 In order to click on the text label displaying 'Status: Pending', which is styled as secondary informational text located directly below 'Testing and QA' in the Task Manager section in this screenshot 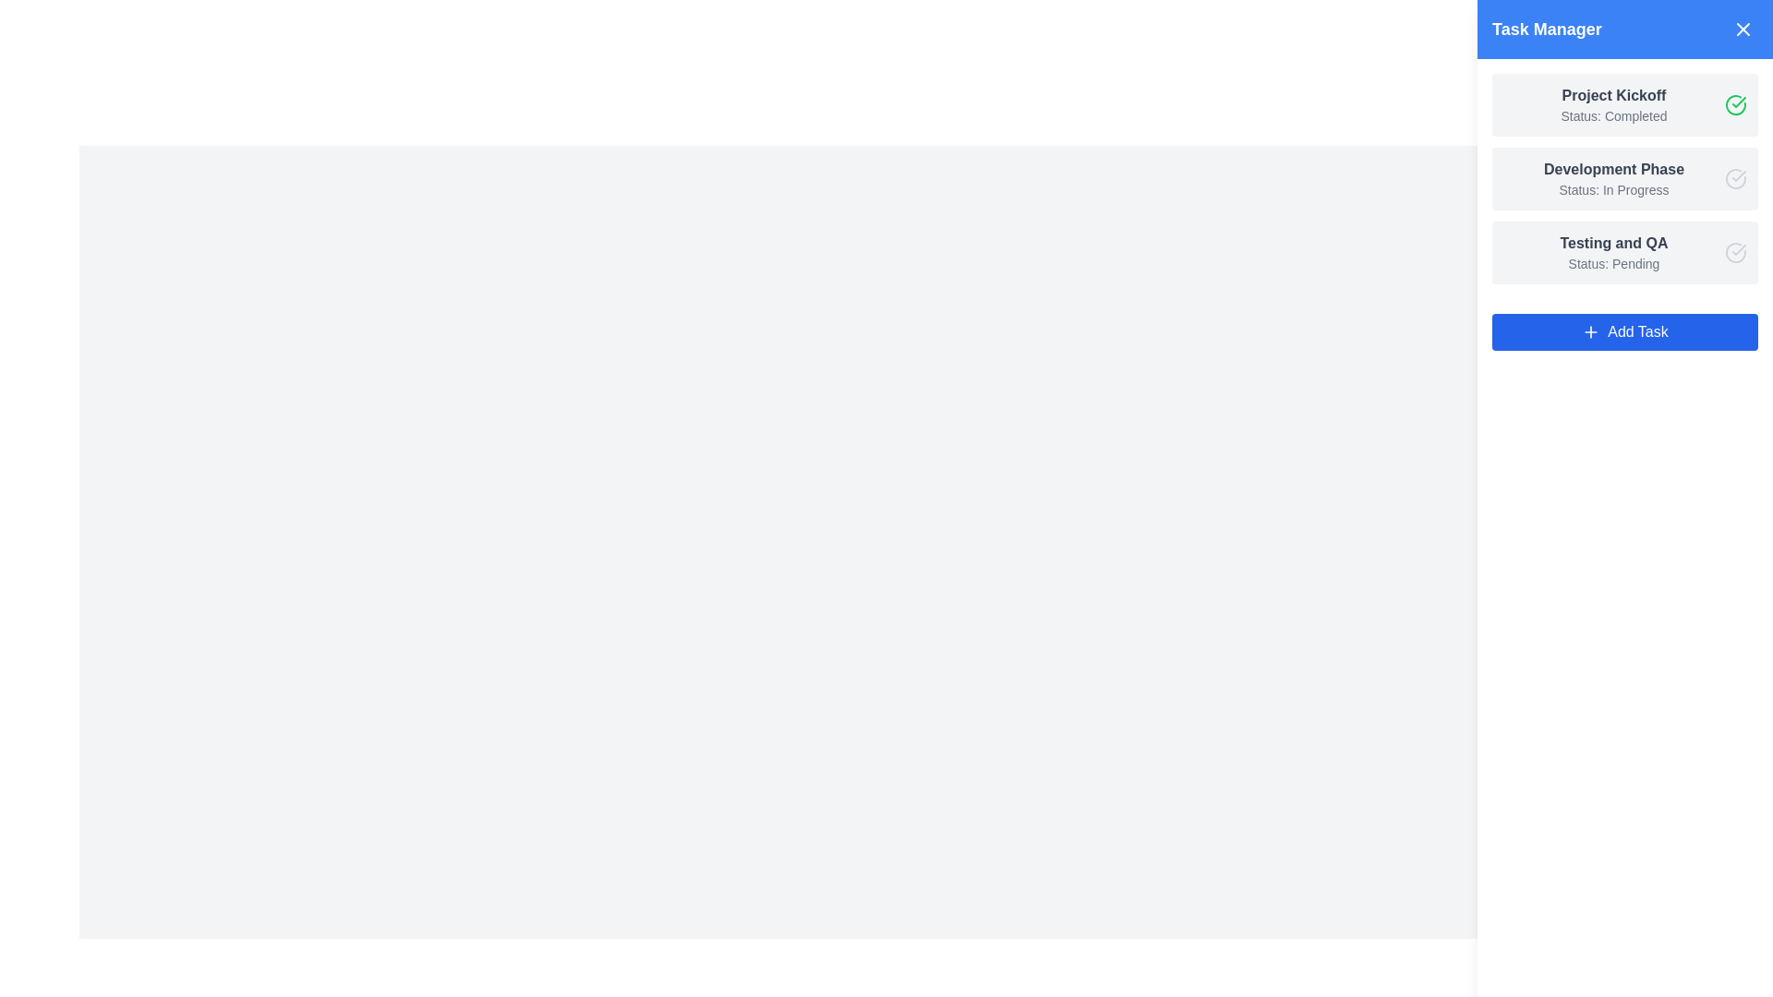, I will do `click(1612, 263)`.